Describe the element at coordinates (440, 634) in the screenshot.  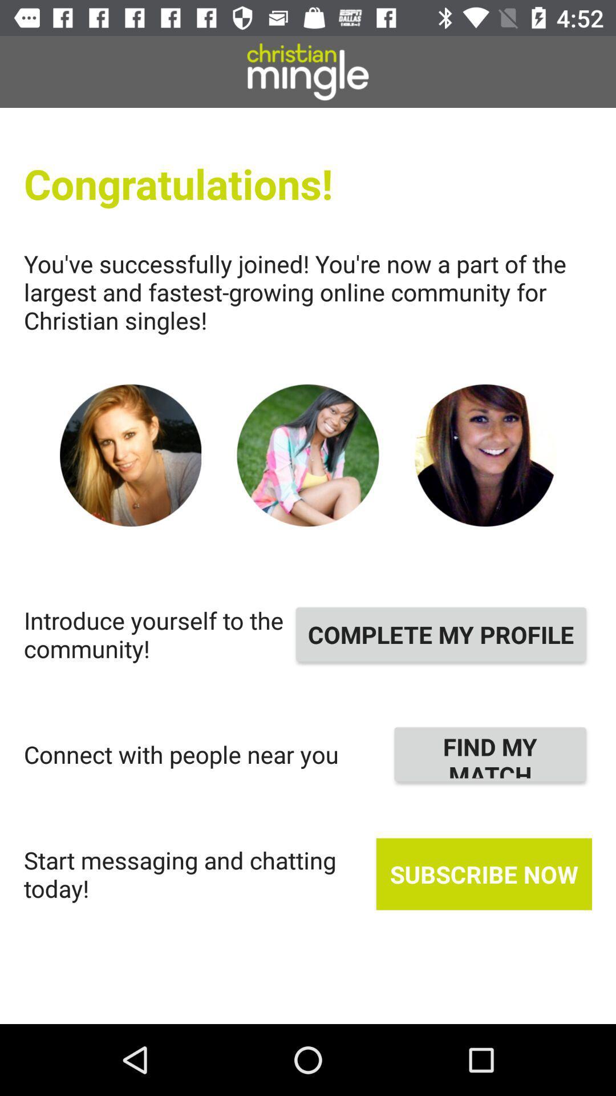
I see `complete my profile` at that location.